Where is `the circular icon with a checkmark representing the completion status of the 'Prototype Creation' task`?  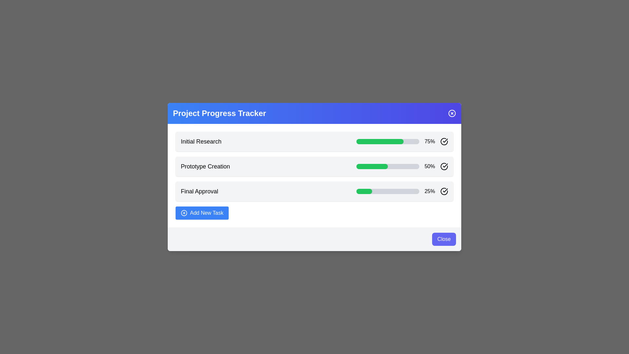
the circular icon with a checkmark representing the completion status of the 'Prototype Creation' task is located at coordinates (444, 141).